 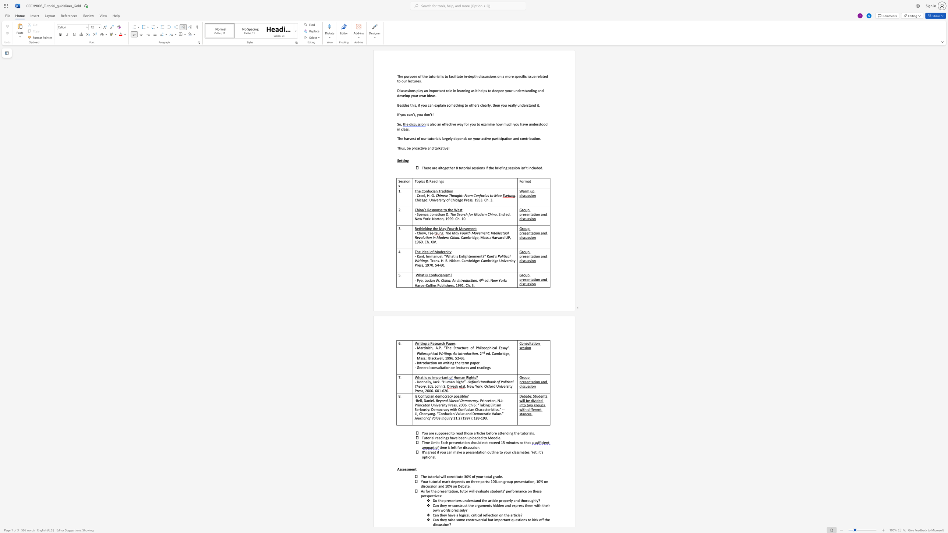 What do you see at coordinates (471, 281) in the screenshot?
I see `the subset text "ion" within the text "China: An Introduction."` at bounding box center [471, 281].